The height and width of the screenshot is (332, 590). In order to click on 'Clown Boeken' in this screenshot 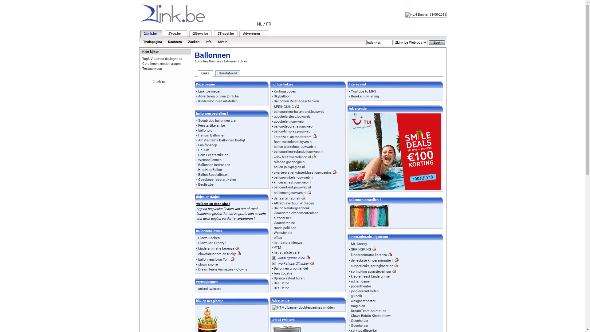, I will do `click(208, 238)`.